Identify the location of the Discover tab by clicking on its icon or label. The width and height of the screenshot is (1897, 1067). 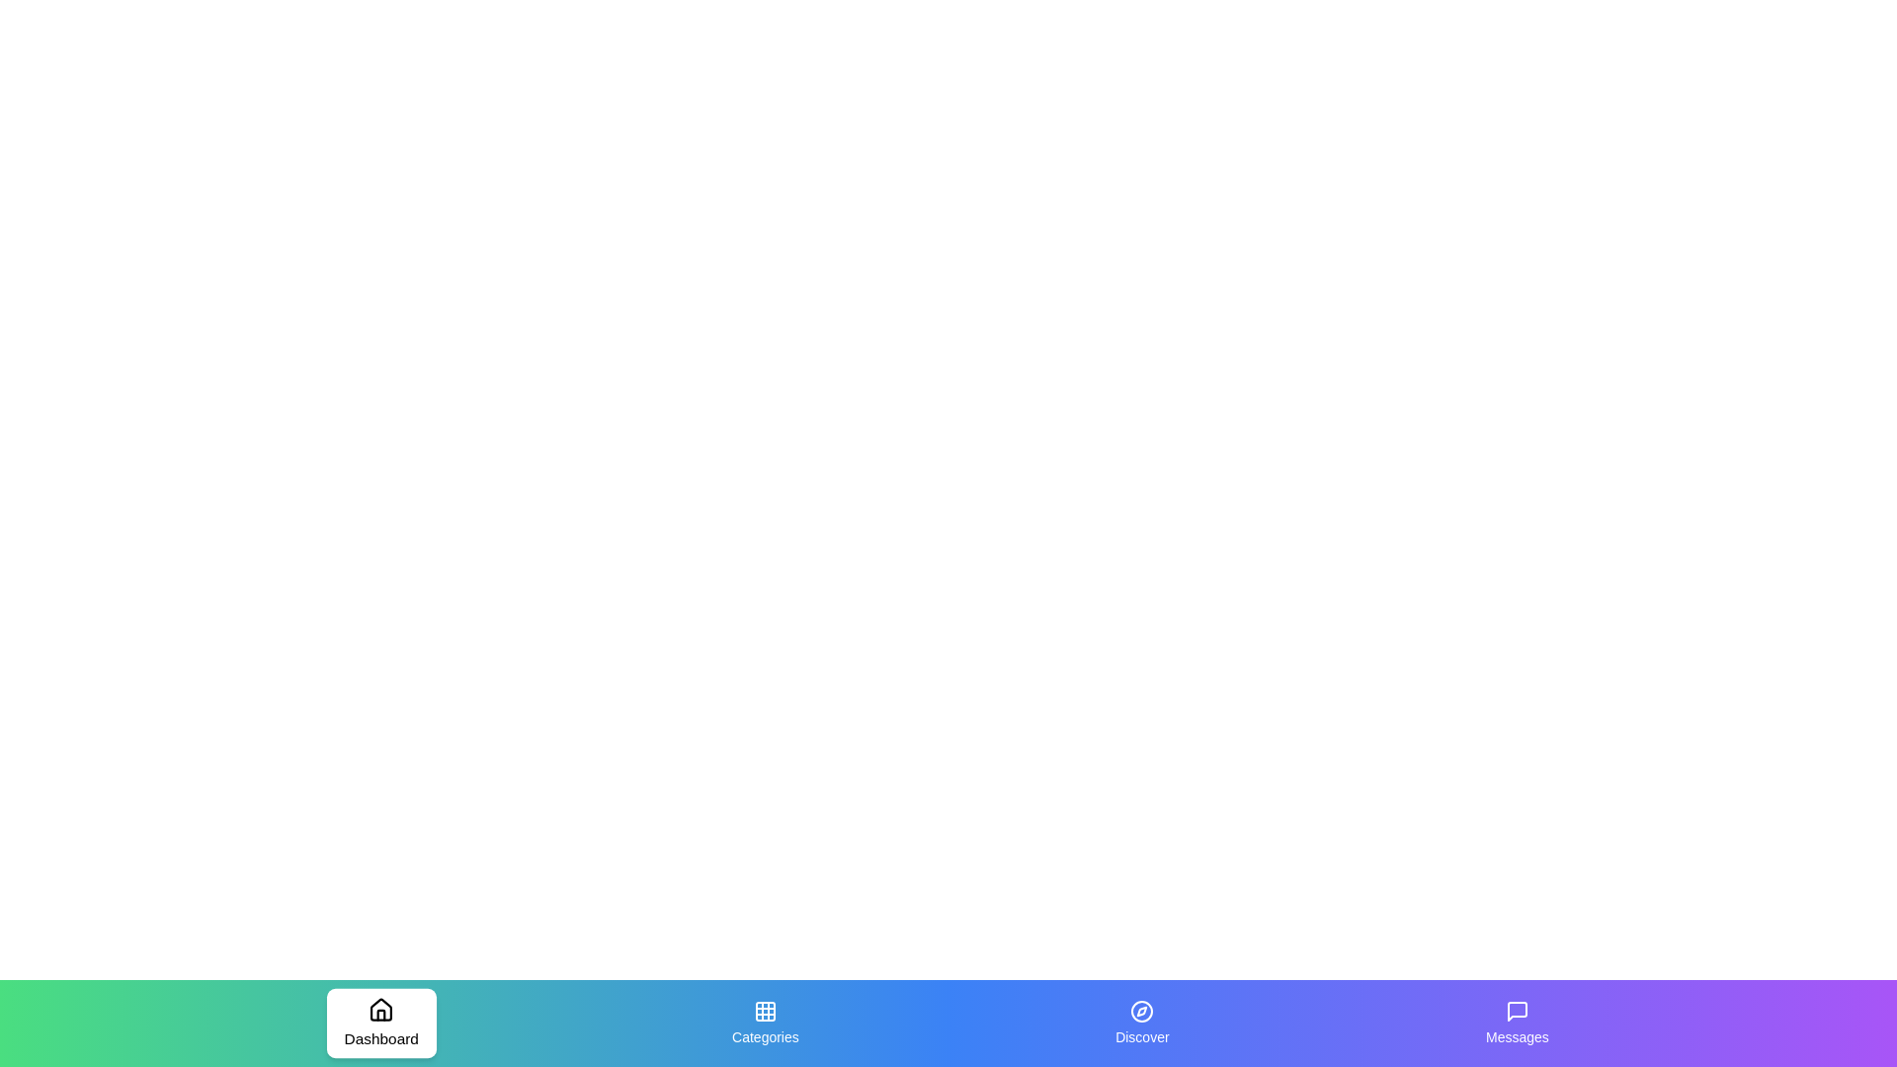
(1142, 1023).